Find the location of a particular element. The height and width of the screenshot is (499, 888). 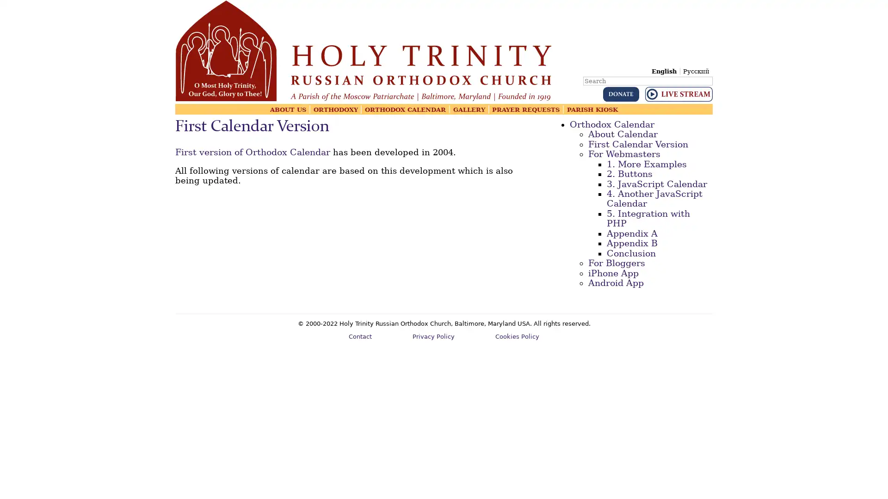

PayPal - The safer, easier way to pay online! is located at coordinates (621, 94).